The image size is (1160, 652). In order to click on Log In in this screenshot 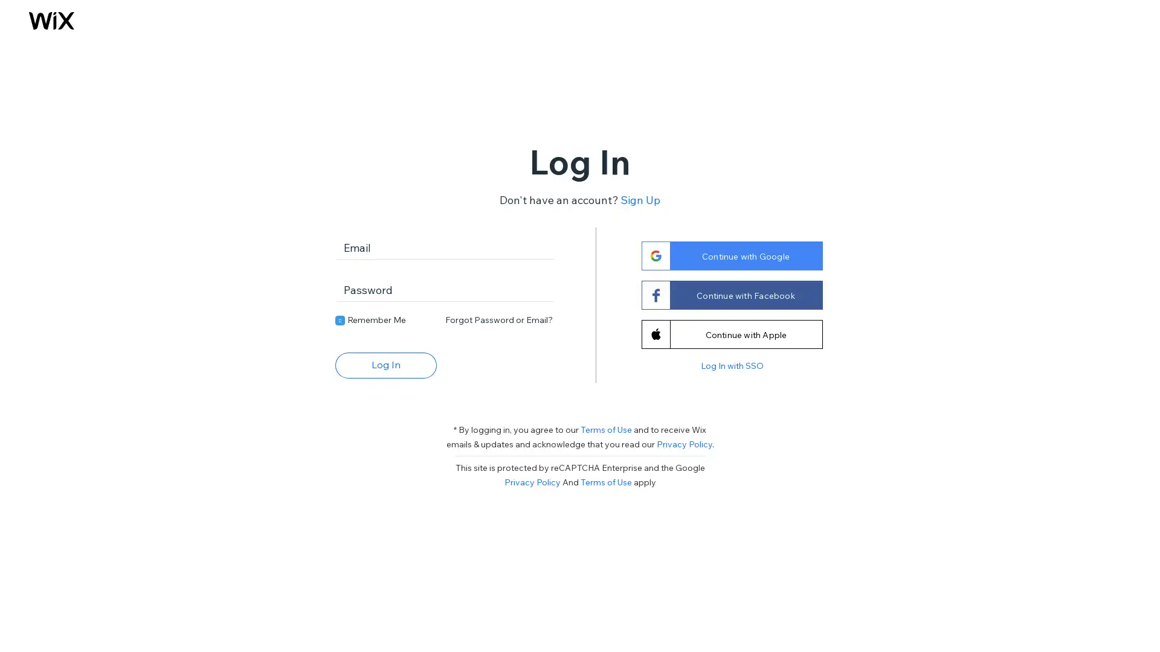, I will do `click(385, 364)`.